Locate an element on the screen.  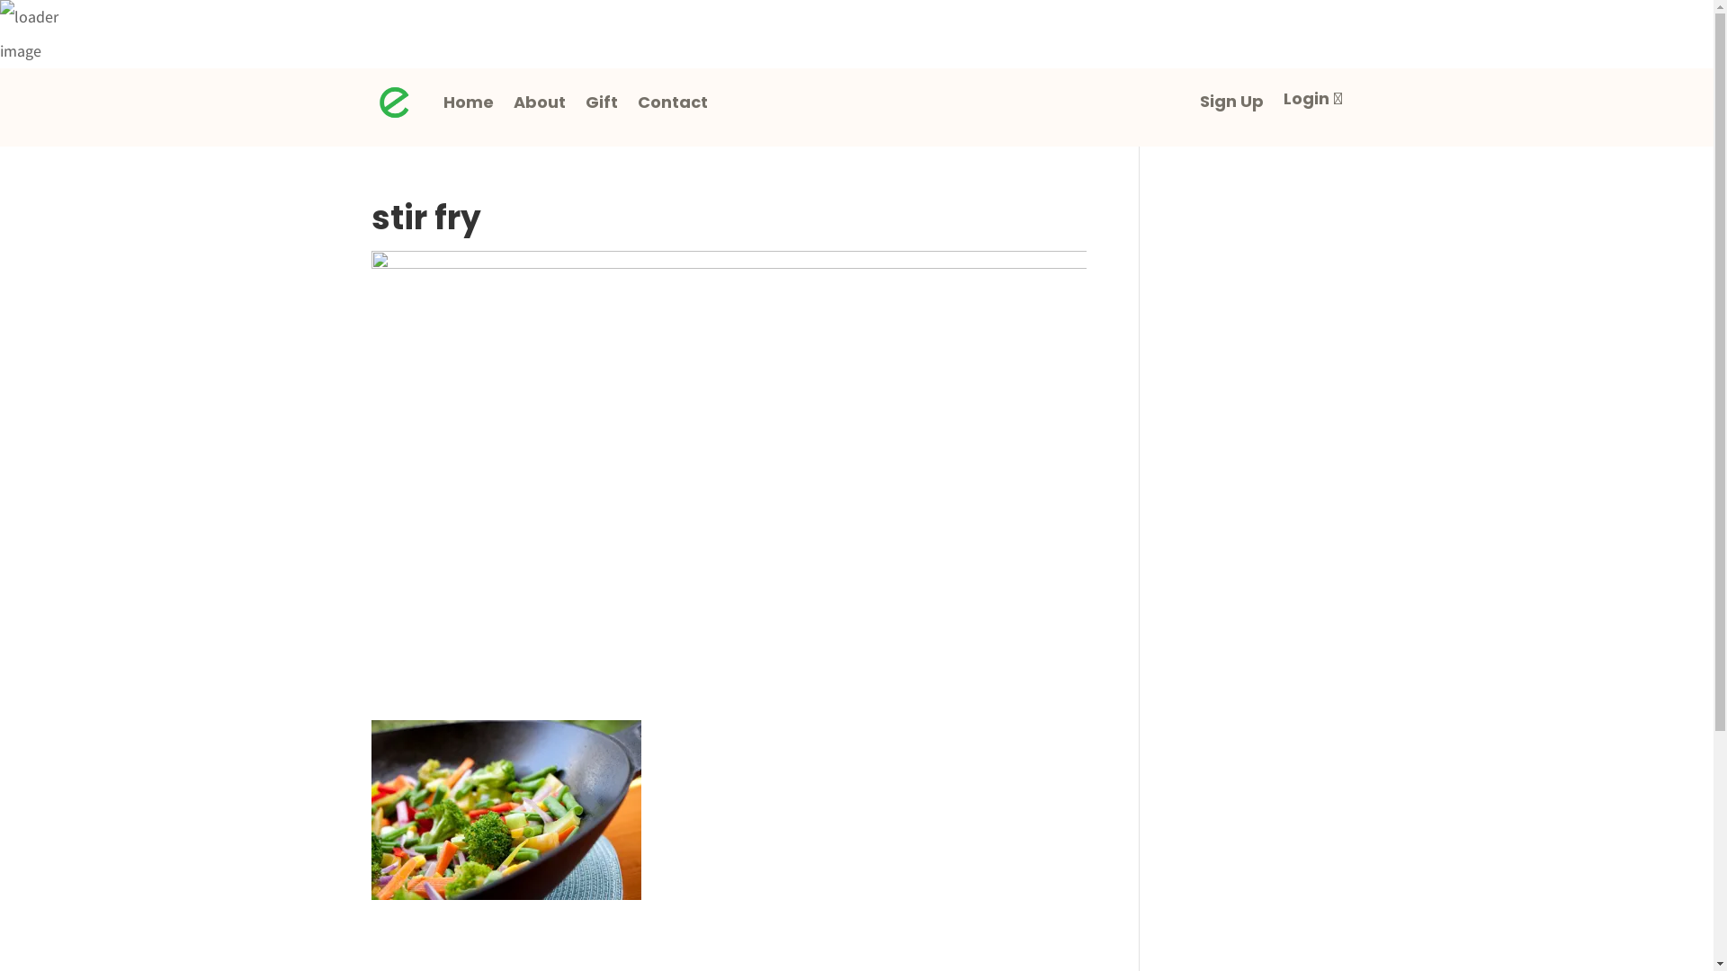
'Sign Up' is located at coordinates (1230, 104).